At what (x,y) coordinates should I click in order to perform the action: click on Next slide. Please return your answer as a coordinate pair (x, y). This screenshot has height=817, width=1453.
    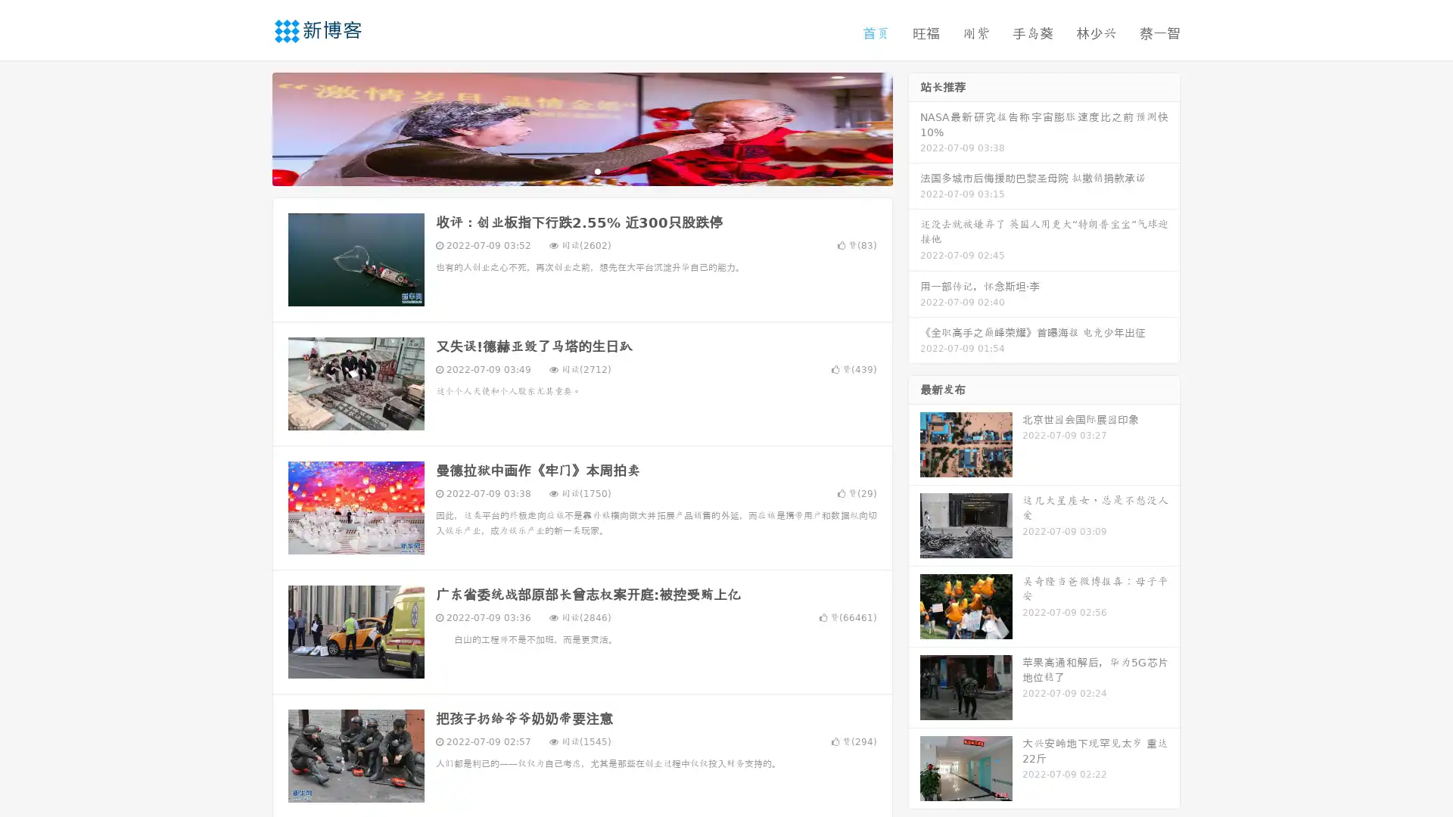
    Looking at the image, I should click on (914, 127).